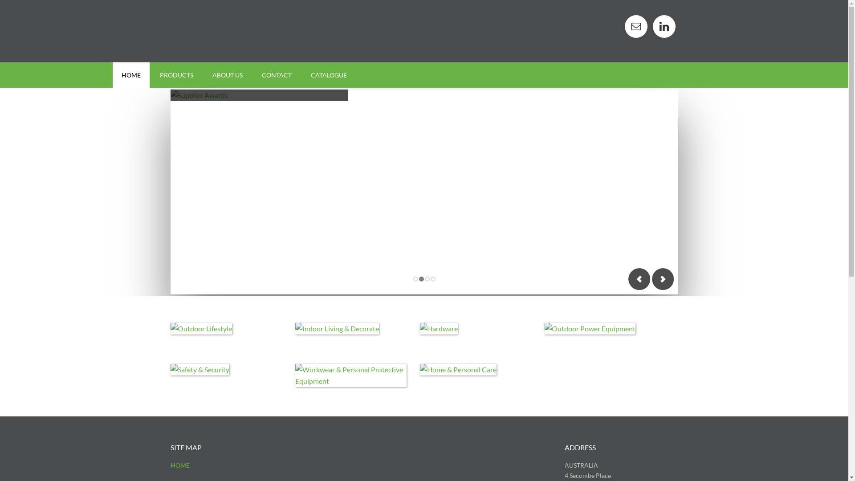 The image size is (855, 481). I want to click on 'Previous', so click(639, 278).